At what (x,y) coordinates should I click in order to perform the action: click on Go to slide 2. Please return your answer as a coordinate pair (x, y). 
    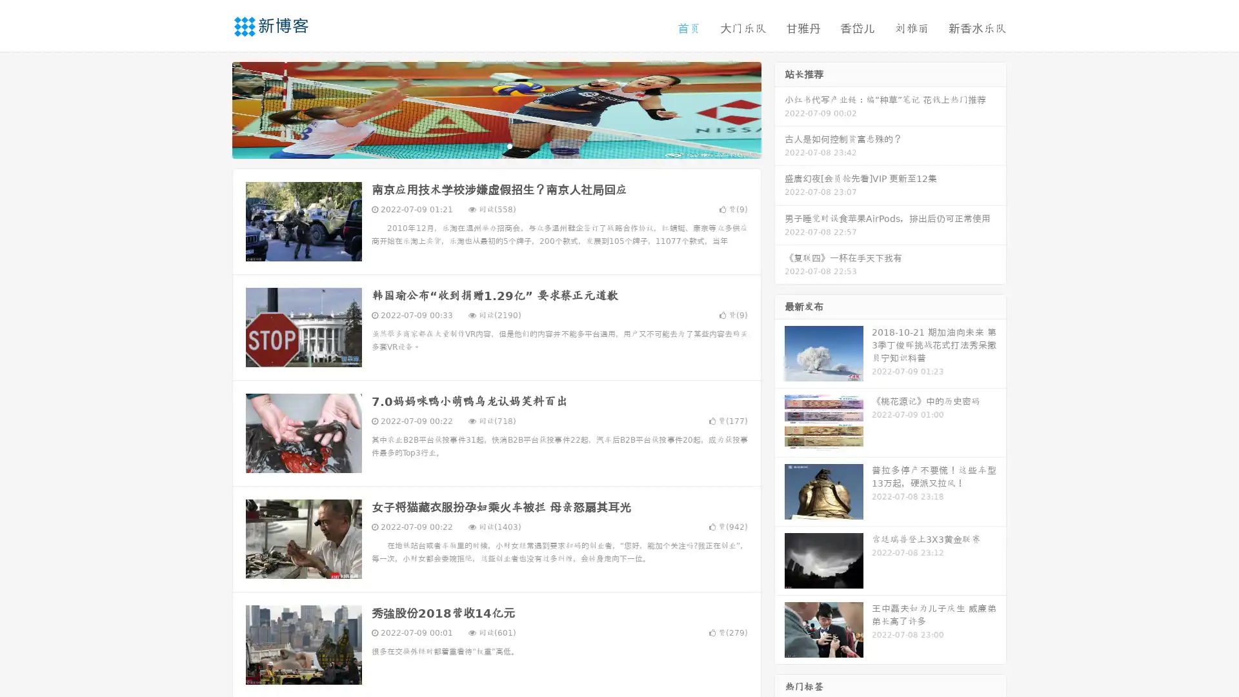
    Looking at the image, I should click on (496, 145).